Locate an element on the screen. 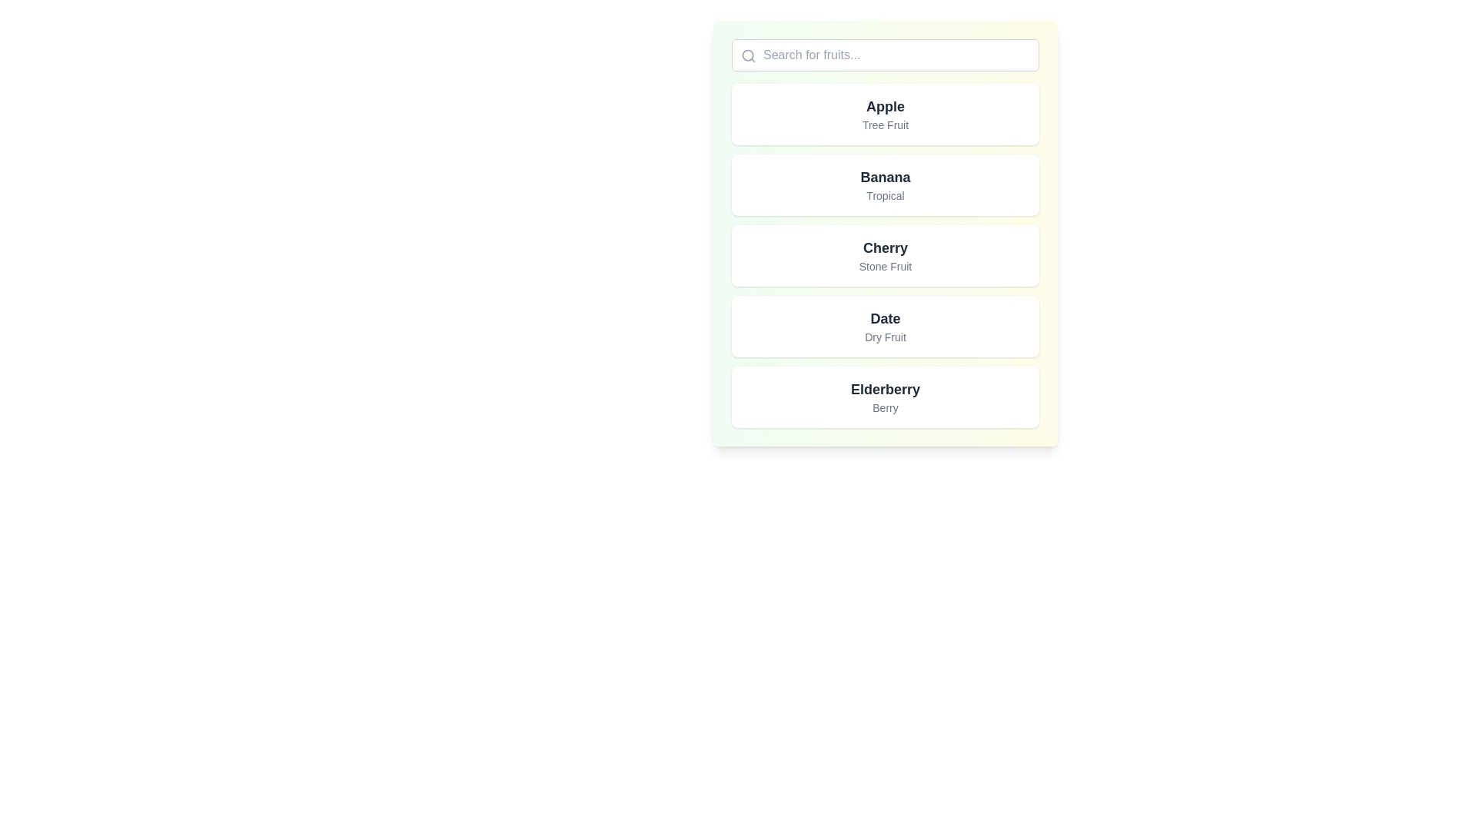  the descriptive label located below the main title 'Apple' within the card in the vertical list is located at coordinates (886, 124).